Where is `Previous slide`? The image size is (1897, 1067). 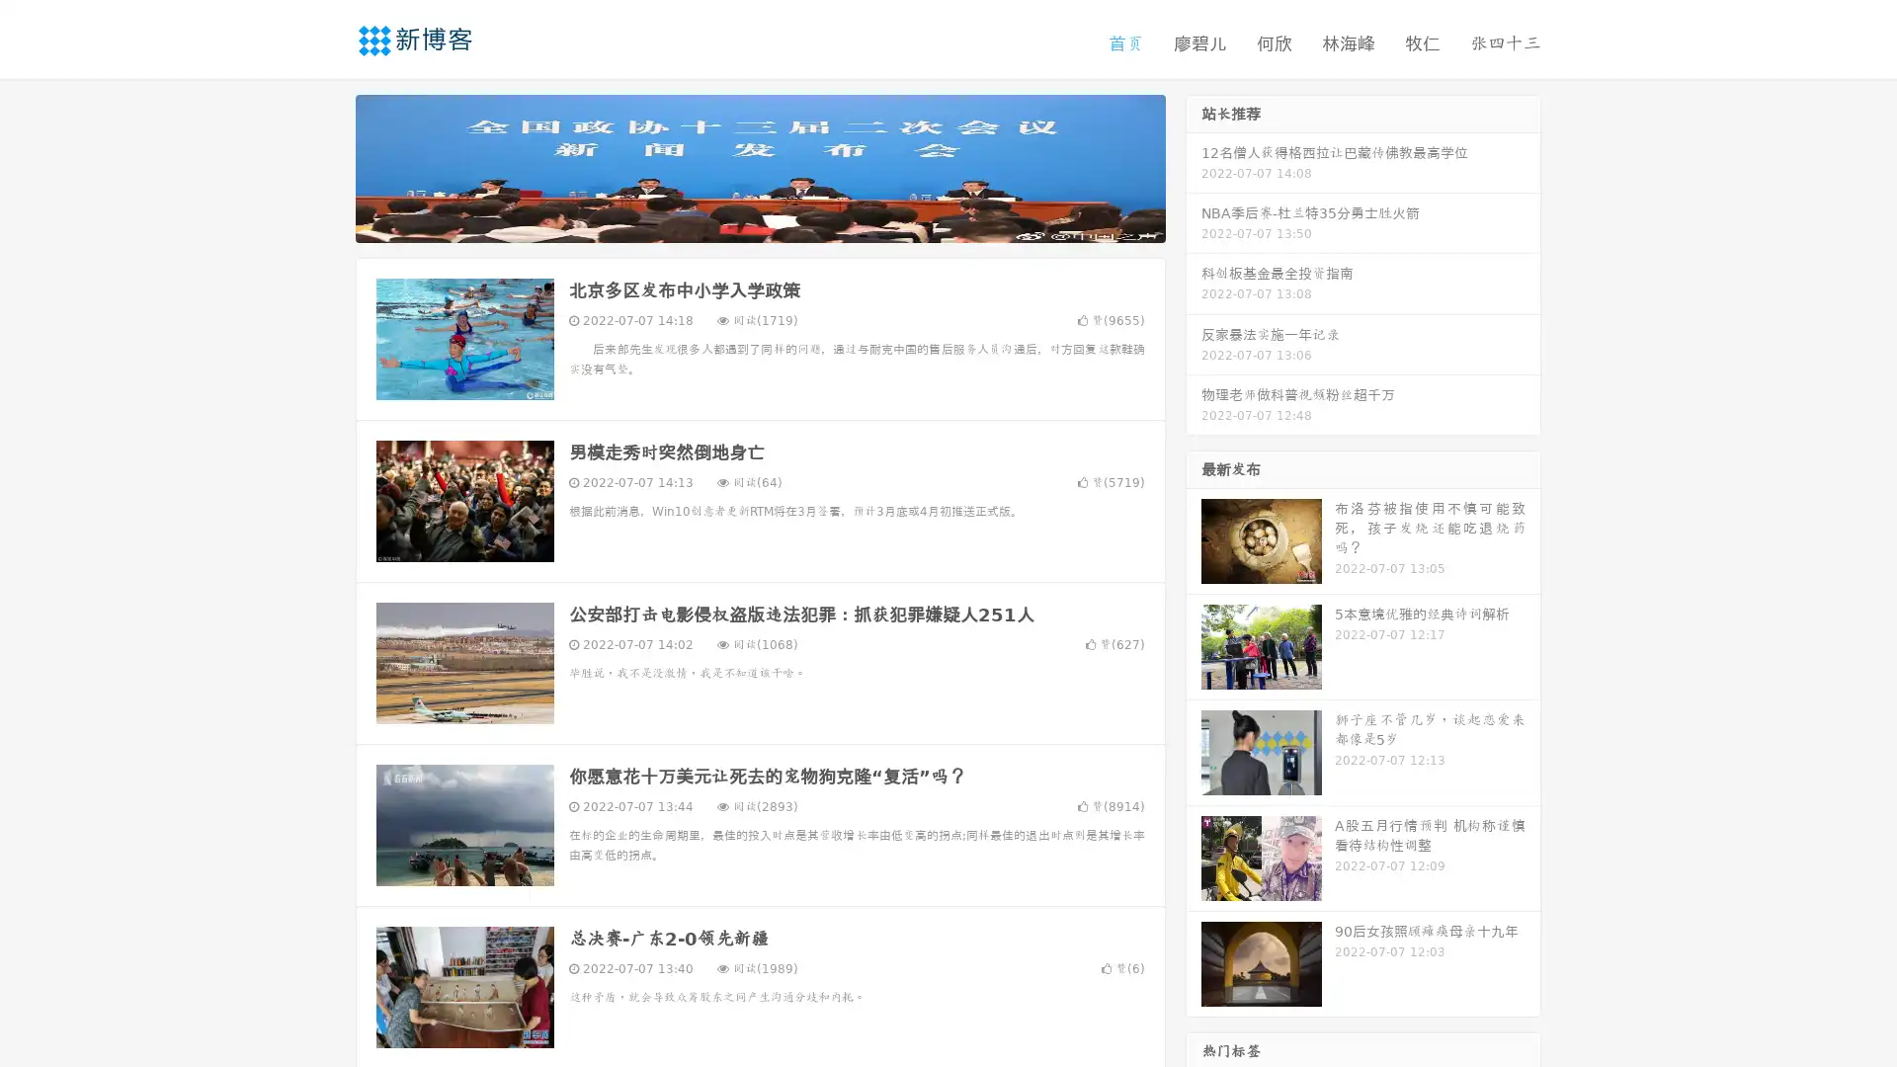 Previous slide is located at coordinates (326, 166).